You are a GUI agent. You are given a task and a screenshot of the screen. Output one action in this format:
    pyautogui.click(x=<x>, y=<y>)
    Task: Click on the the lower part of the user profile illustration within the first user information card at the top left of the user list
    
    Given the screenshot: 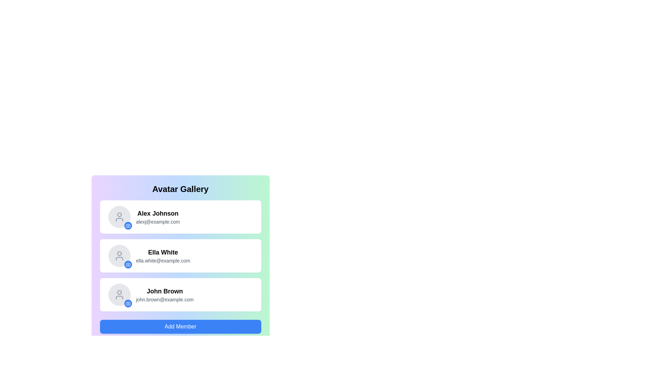 What is the action you would take?
    pyautogui.click(x=119, y=219)
    